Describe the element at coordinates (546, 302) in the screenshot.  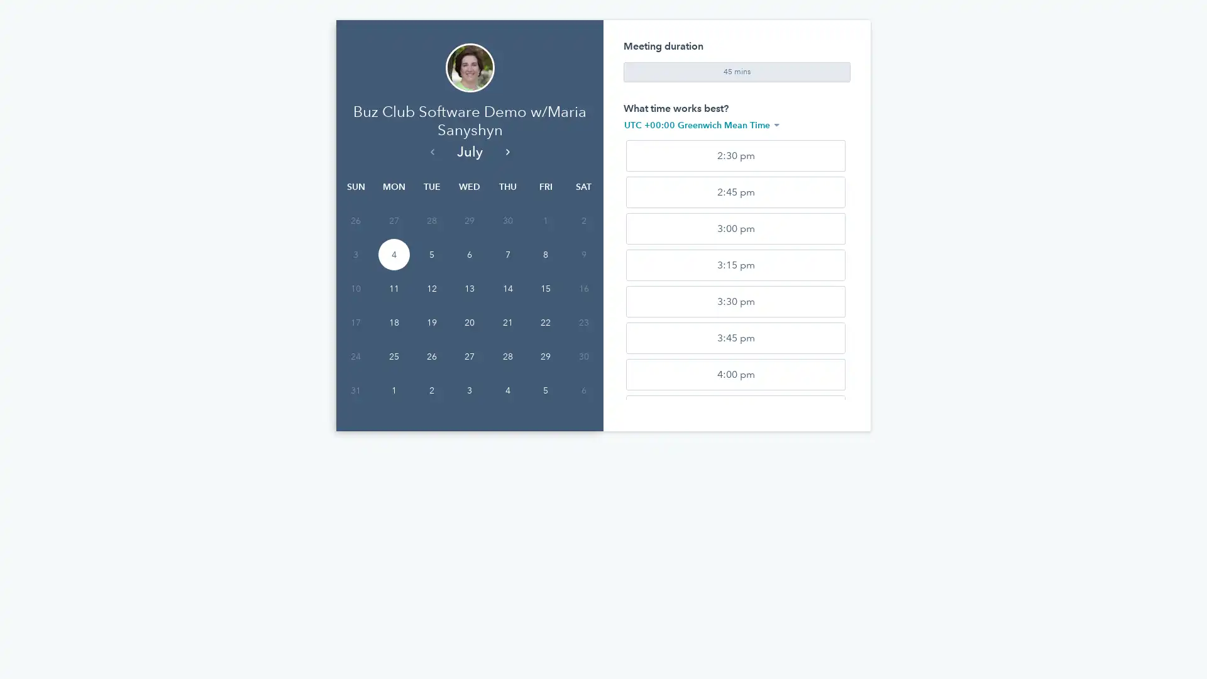
I see `July 8th` at that location.